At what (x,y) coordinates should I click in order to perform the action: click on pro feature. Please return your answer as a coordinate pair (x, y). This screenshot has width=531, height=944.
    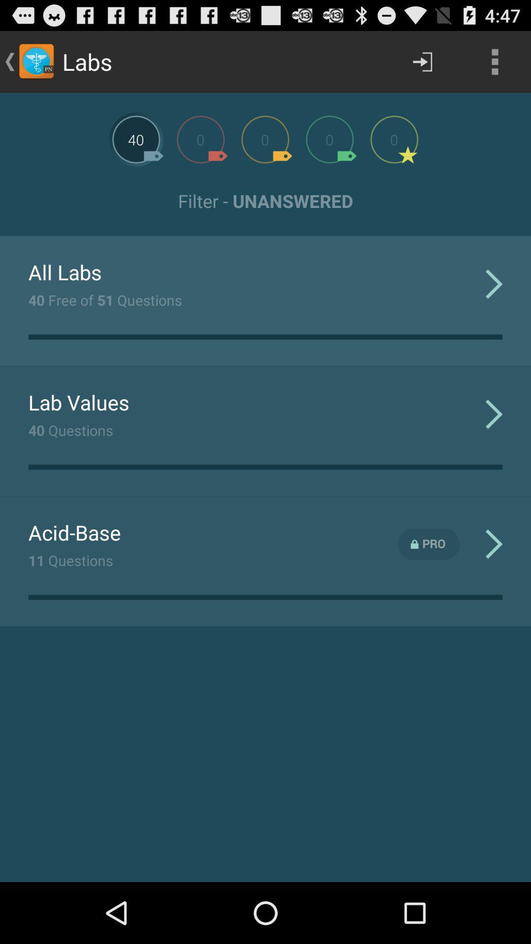
    Looking at the image, I should click on (428, 544).